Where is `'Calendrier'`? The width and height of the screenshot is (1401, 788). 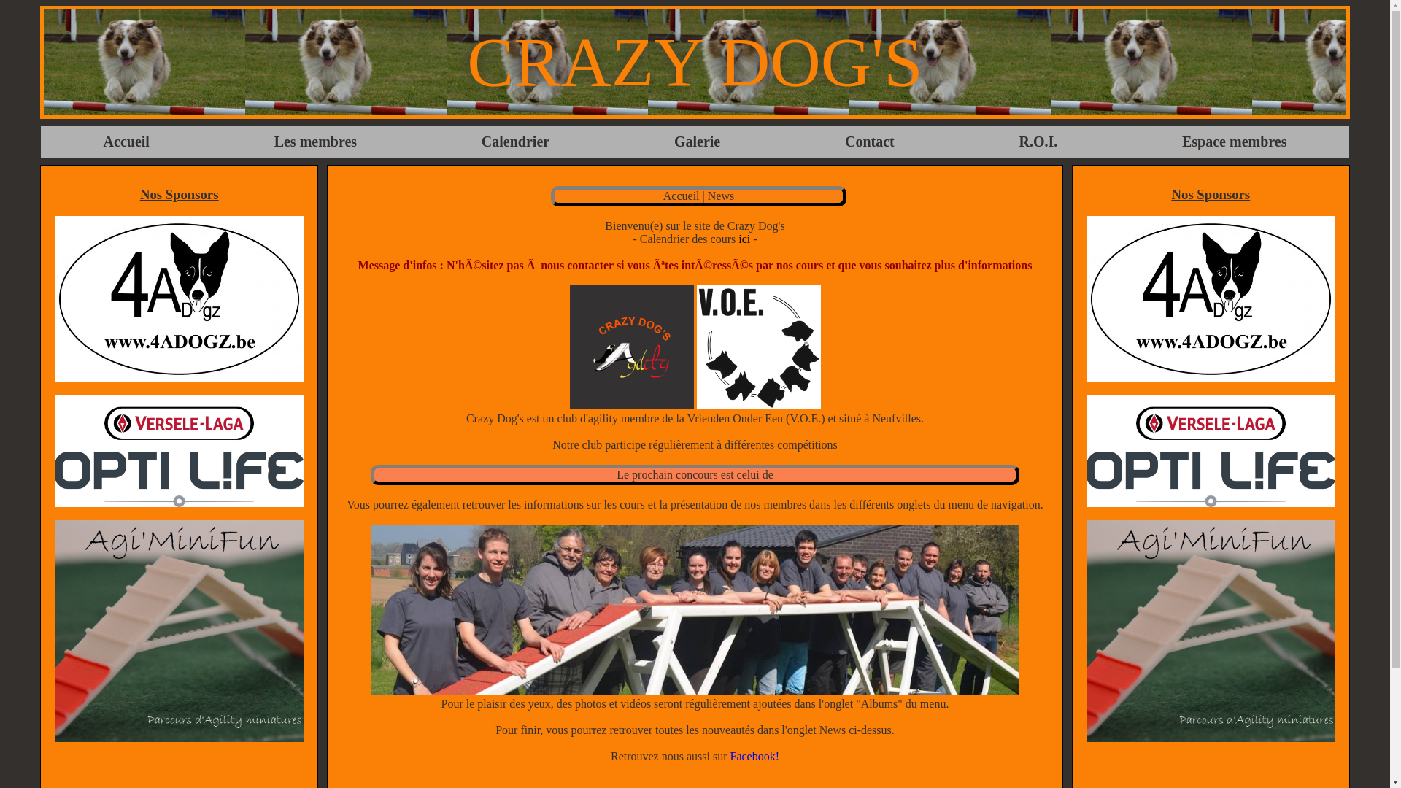
'Calendrier' is located at coordinates (466, 142).